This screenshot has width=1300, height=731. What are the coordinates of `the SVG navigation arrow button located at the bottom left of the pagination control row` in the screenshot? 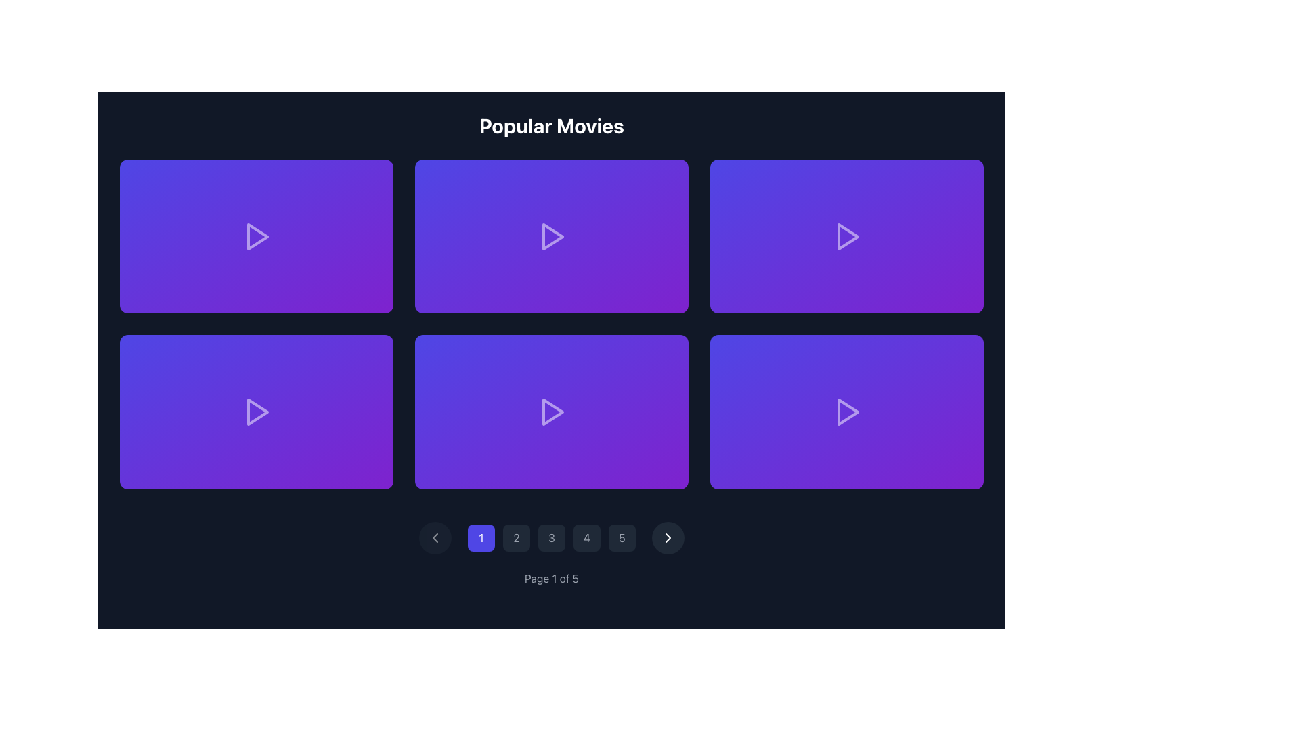 It's located at (435, 537).